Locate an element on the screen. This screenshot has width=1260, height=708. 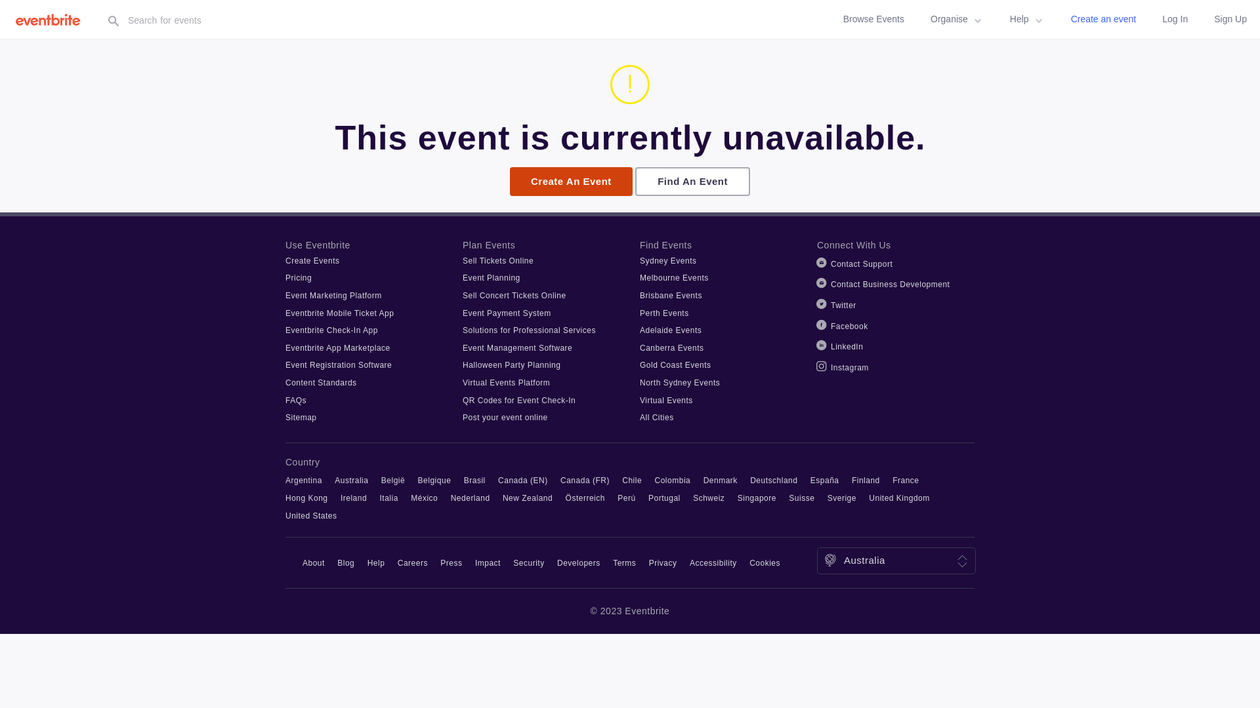
'Sverige' is located at coordinates (841, 498).